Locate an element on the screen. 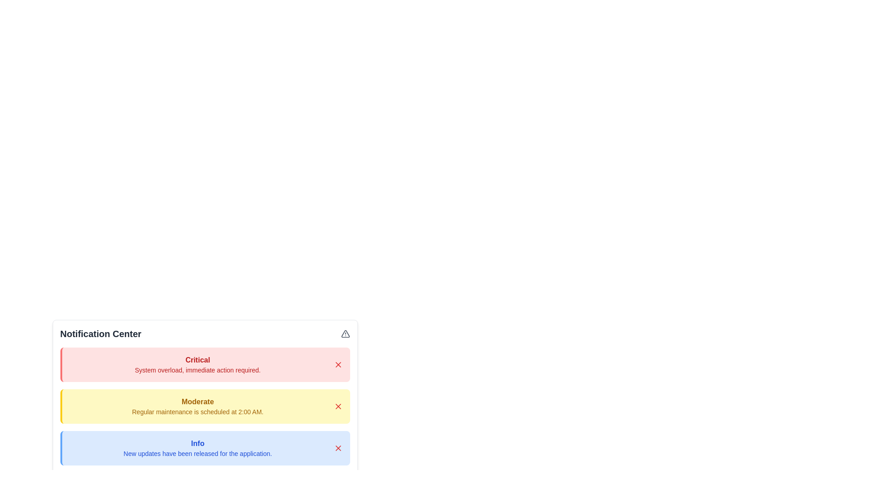 The image size is (872, 490). the notification with level Info to view its details is located at coordinates (197, 447).